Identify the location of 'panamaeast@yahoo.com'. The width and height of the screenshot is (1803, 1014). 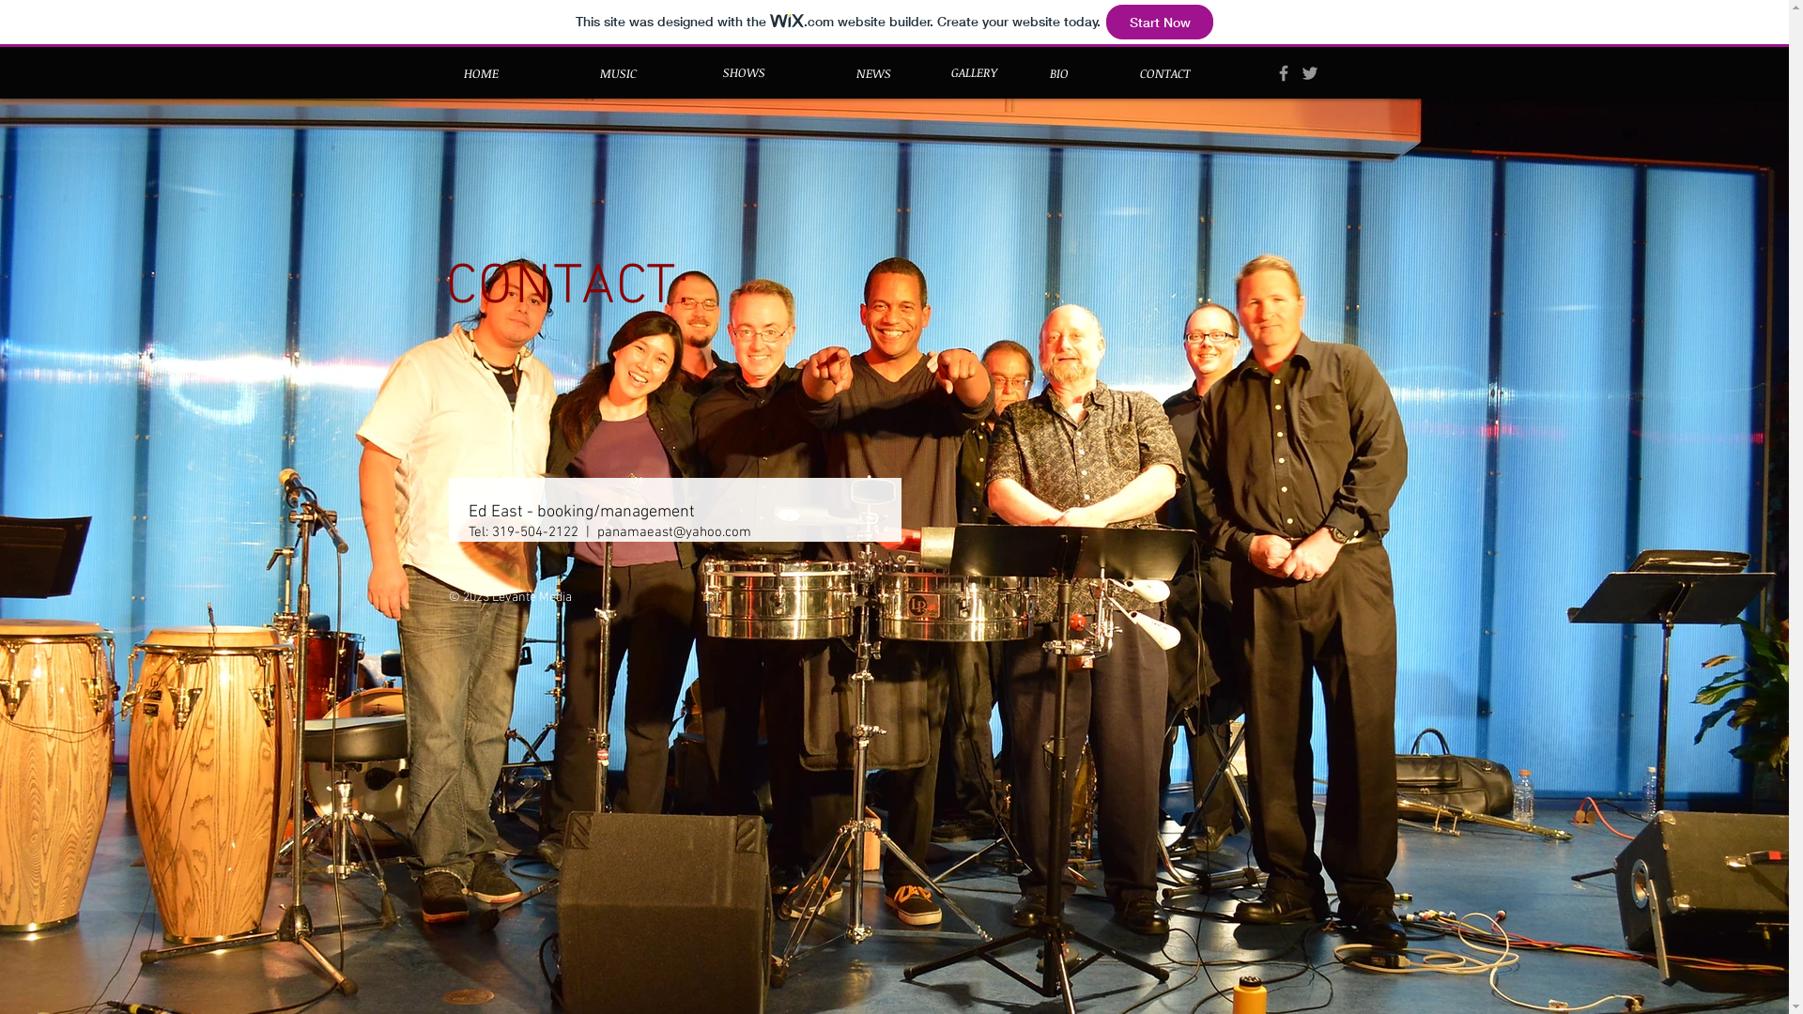
(674, 532).